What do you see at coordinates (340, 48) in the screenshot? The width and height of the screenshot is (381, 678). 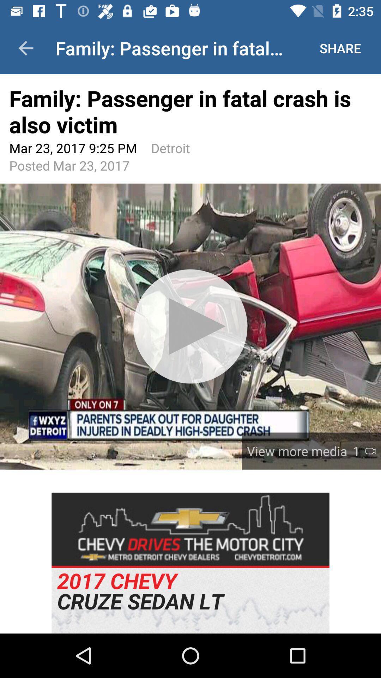 I see `the button next to family passenger in fatal` at bounding box center [340, 48].